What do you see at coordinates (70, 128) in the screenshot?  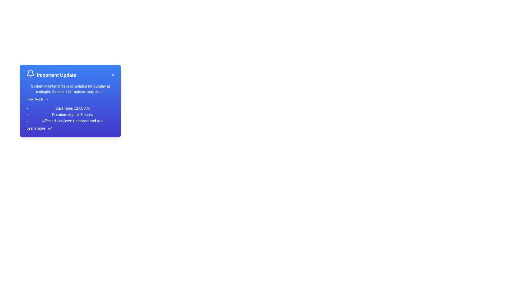 I see `the 'Learn more' link in the alert component` at bounding box center [70, 128].